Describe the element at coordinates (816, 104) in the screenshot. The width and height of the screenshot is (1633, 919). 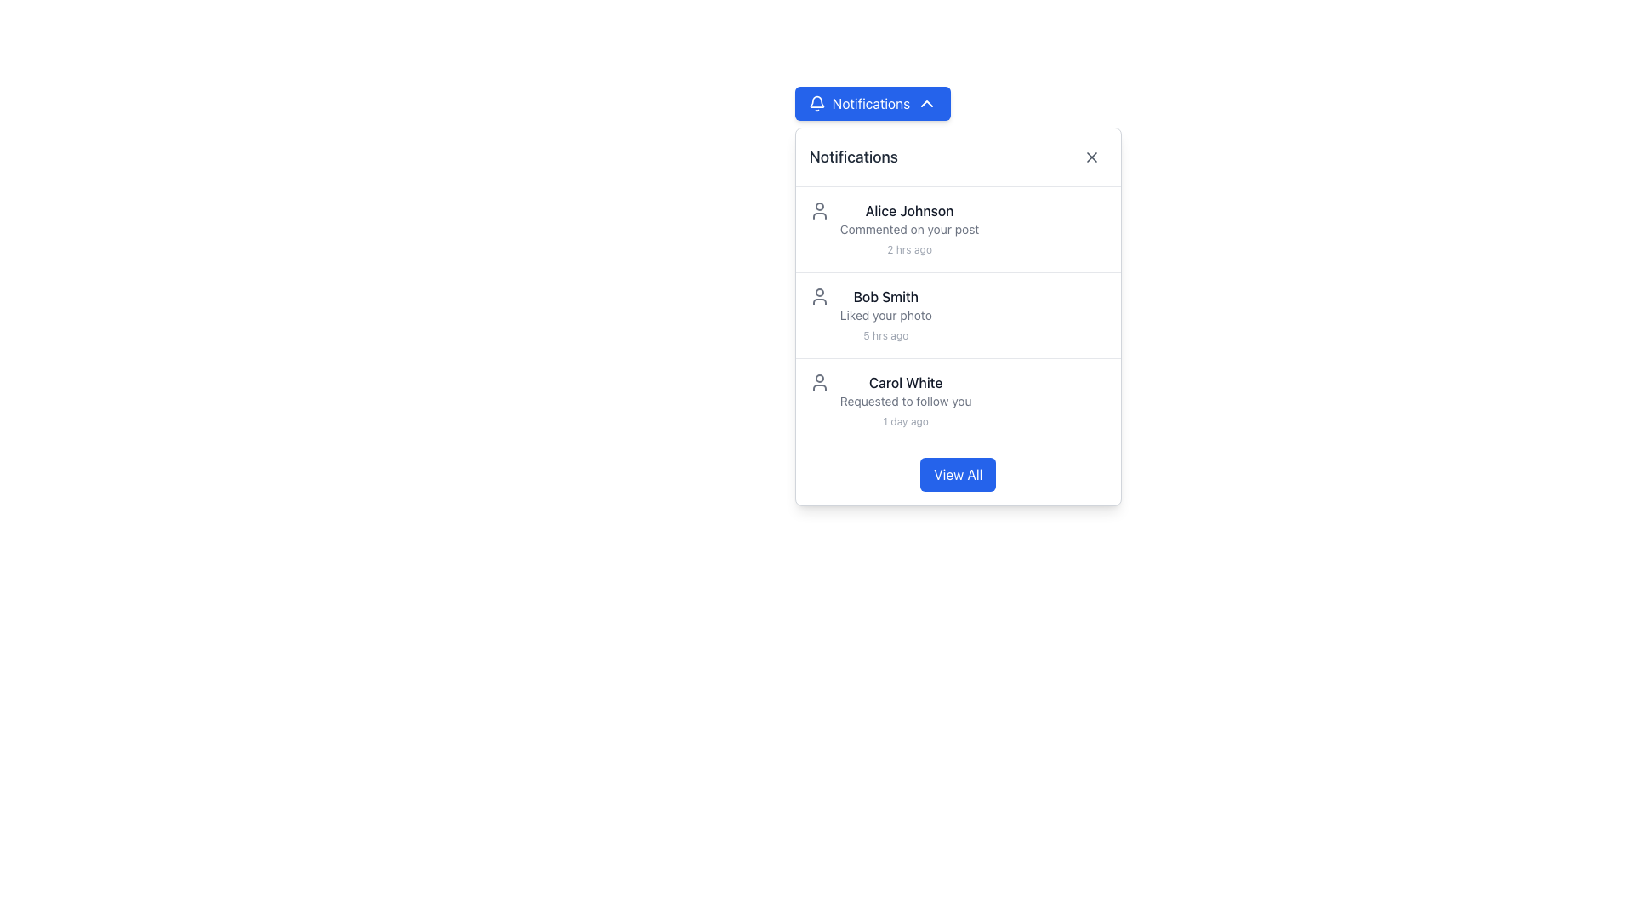
I see `the notifications icon, which is a bell icon with a thin outline on a blue background, located to the left of the word 'Notifications' in the upper blue button bar` at that location.